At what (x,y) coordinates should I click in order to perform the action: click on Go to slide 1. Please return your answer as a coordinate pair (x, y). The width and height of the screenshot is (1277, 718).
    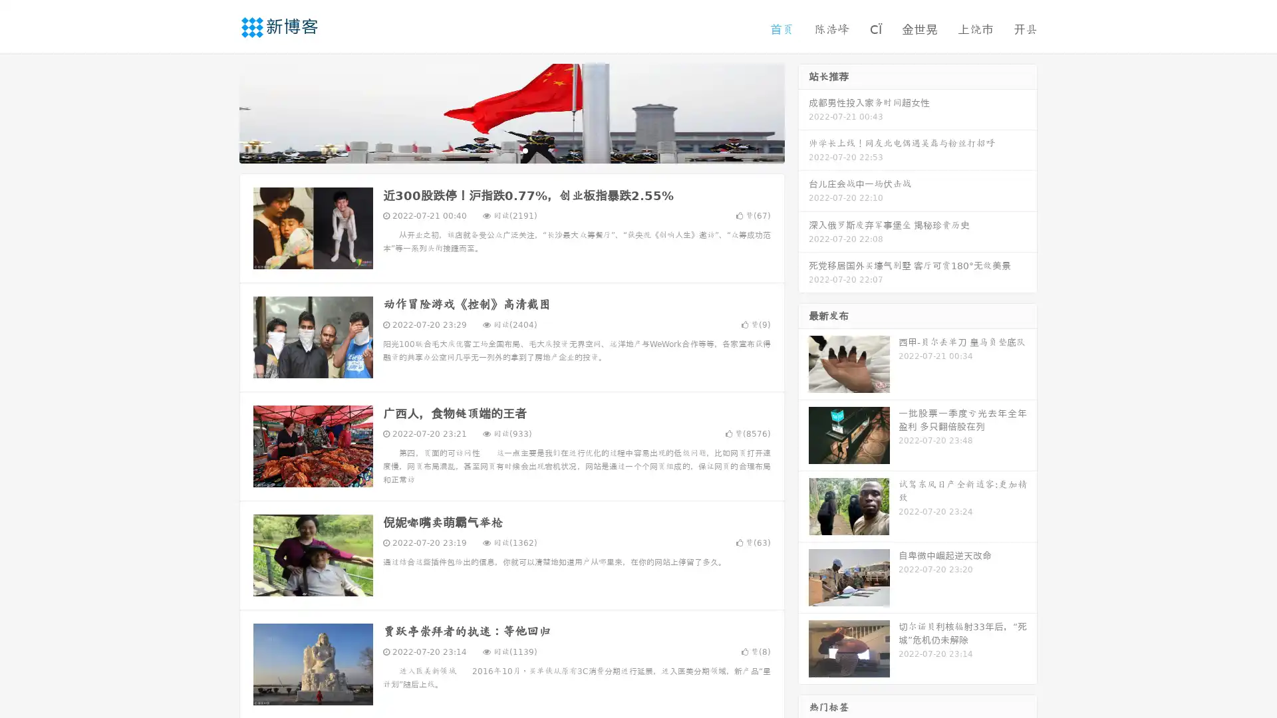
    Looking at the image, I should click on (497, 150).